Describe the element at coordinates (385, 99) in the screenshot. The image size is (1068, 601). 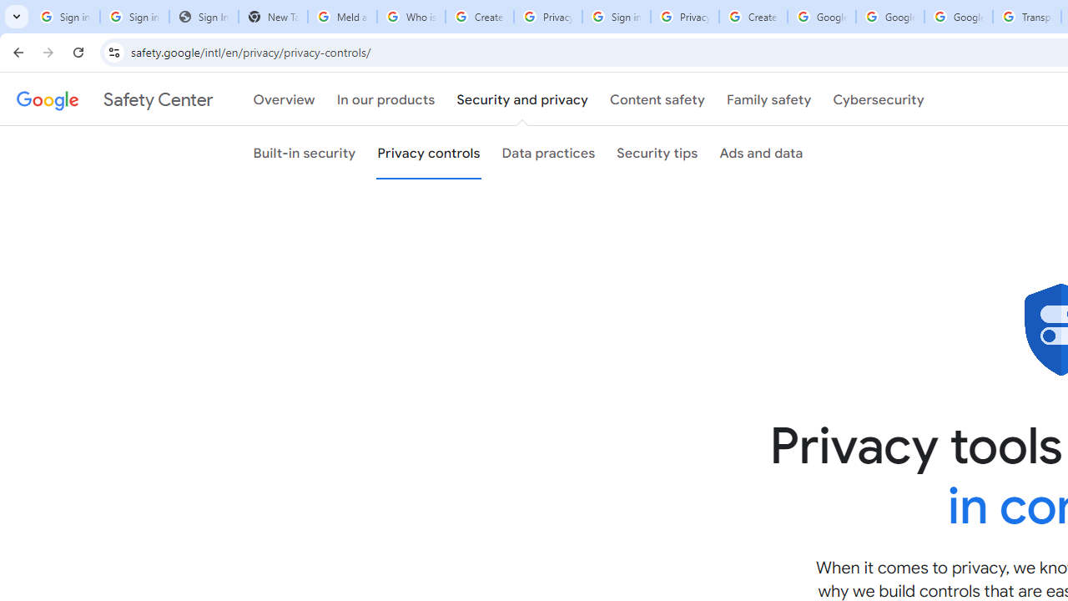
I see `'In our products'` at that location.